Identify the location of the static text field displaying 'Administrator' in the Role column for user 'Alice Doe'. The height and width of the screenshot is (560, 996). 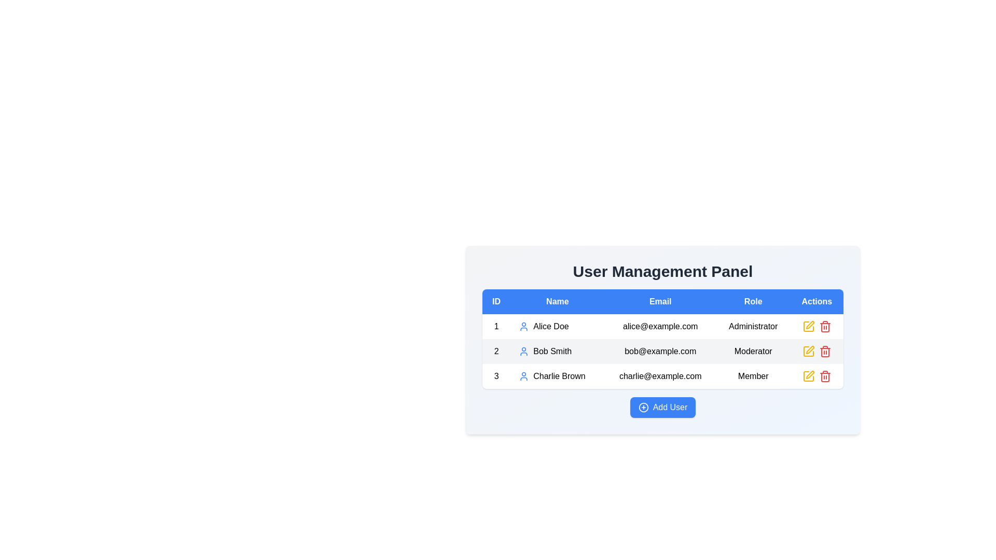
(753, 326).